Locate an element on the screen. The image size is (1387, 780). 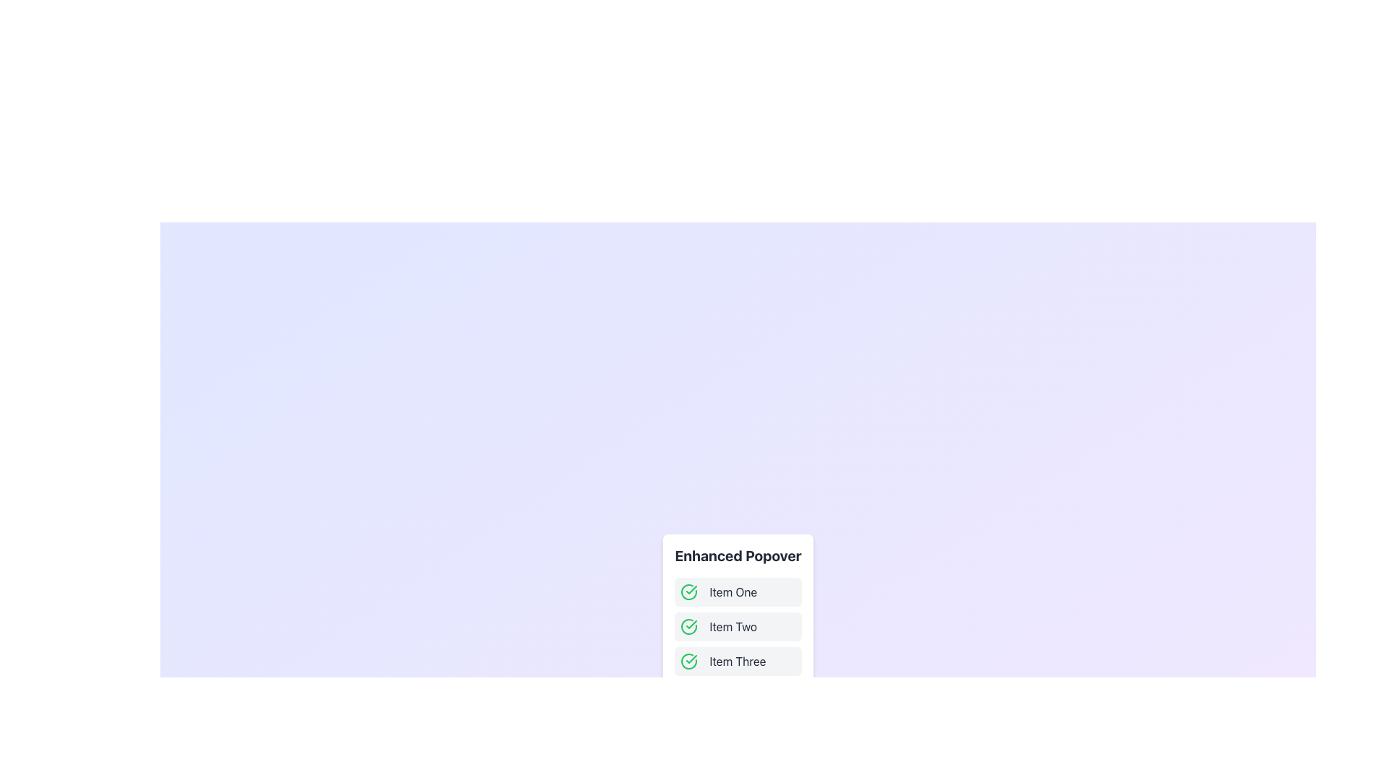
the green circular checkmark icon, which is visually distinct with a thick border and positioned to the left of the text 'Item Two' is located at coordinates (688, 625).